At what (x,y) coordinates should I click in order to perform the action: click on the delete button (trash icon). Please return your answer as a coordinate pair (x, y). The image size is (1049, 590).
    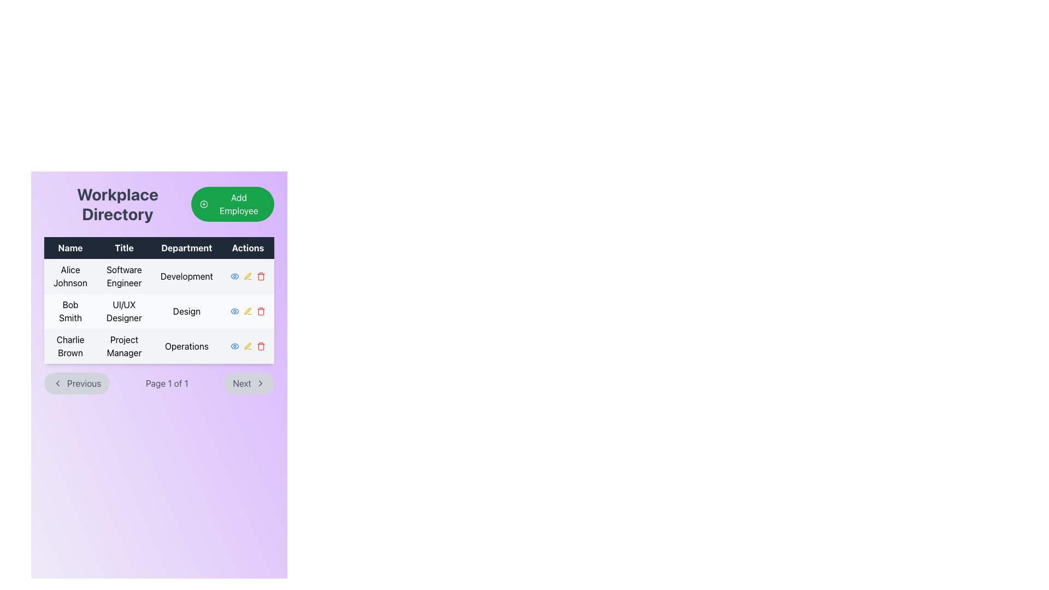
    Looking at the image, I should click on (260, 311).